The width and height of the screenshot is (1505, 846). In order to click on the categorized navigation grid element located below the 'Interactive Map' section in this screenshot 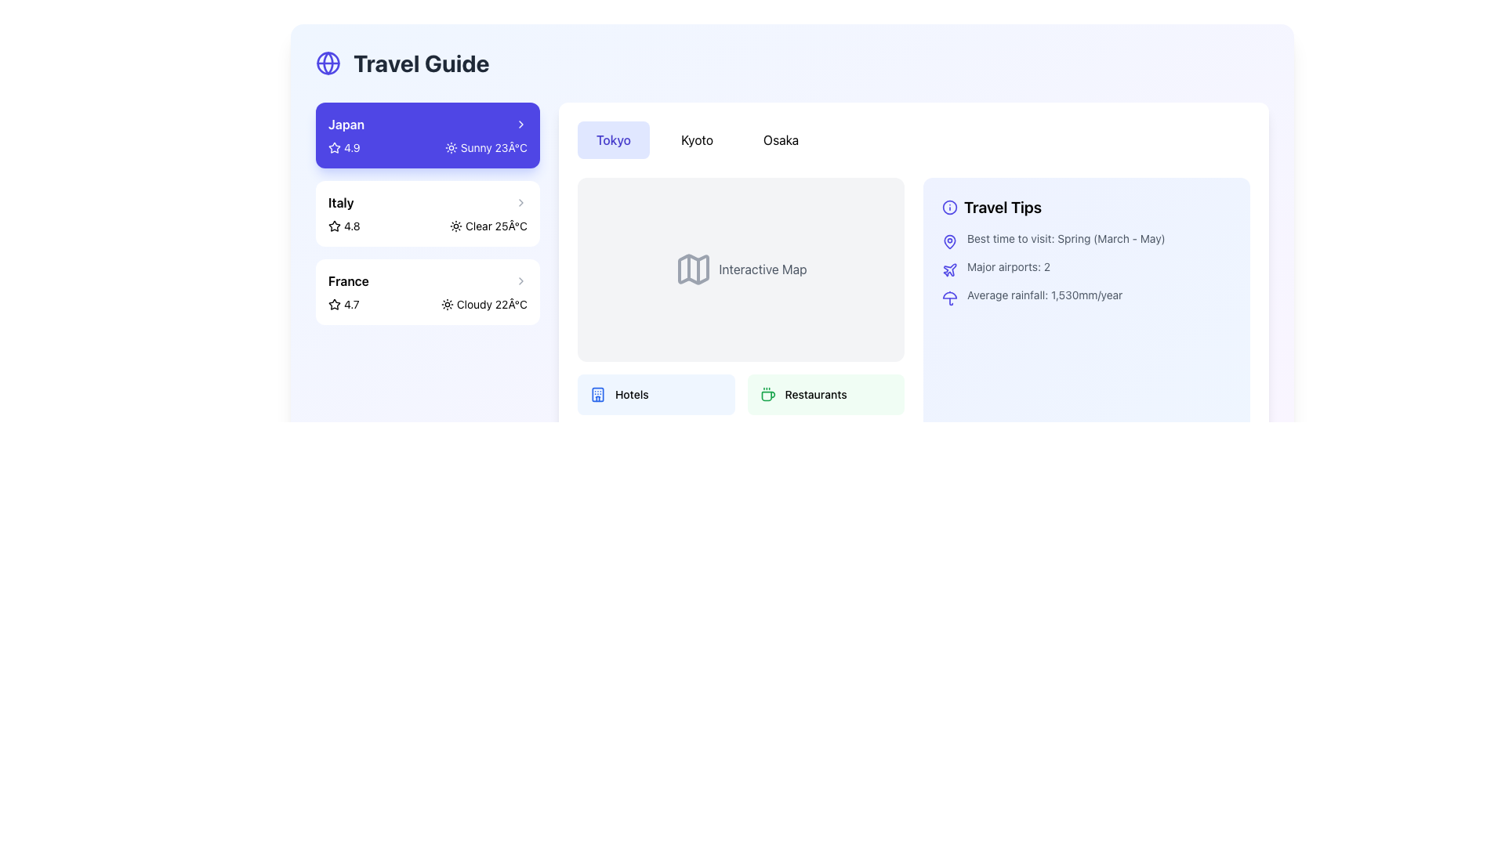, I will do `click(740, 420)`.